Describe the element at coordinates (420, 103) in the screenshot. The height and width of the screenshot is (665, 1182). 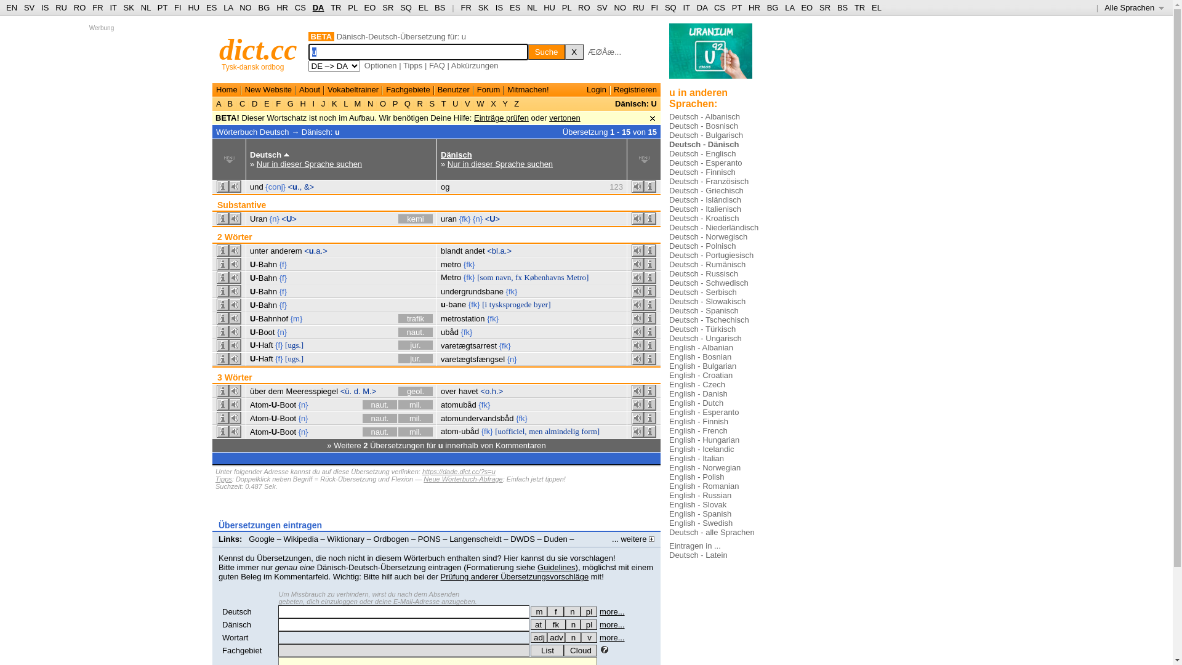
I see `'R'` at that location.